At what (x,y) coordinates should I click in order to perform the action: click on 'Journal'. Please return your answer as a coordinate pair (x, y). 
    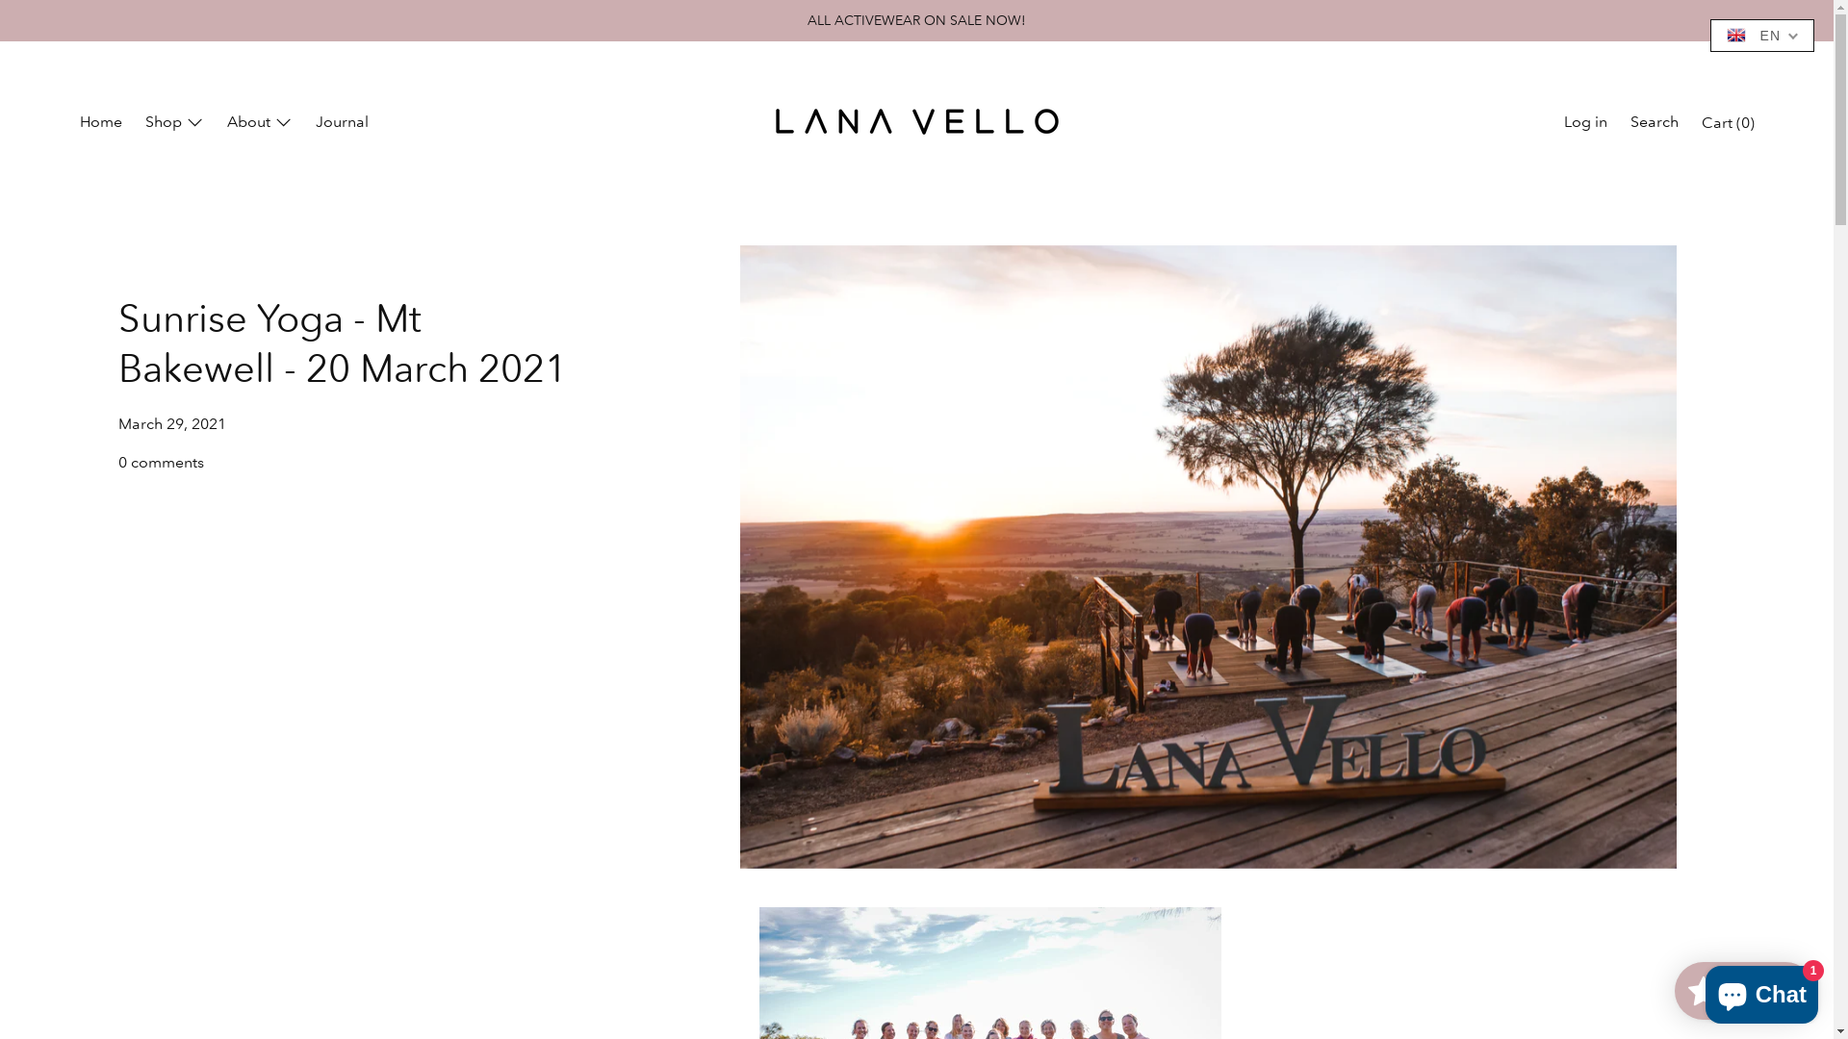
    Looking at the image, I should click on (342, 123).